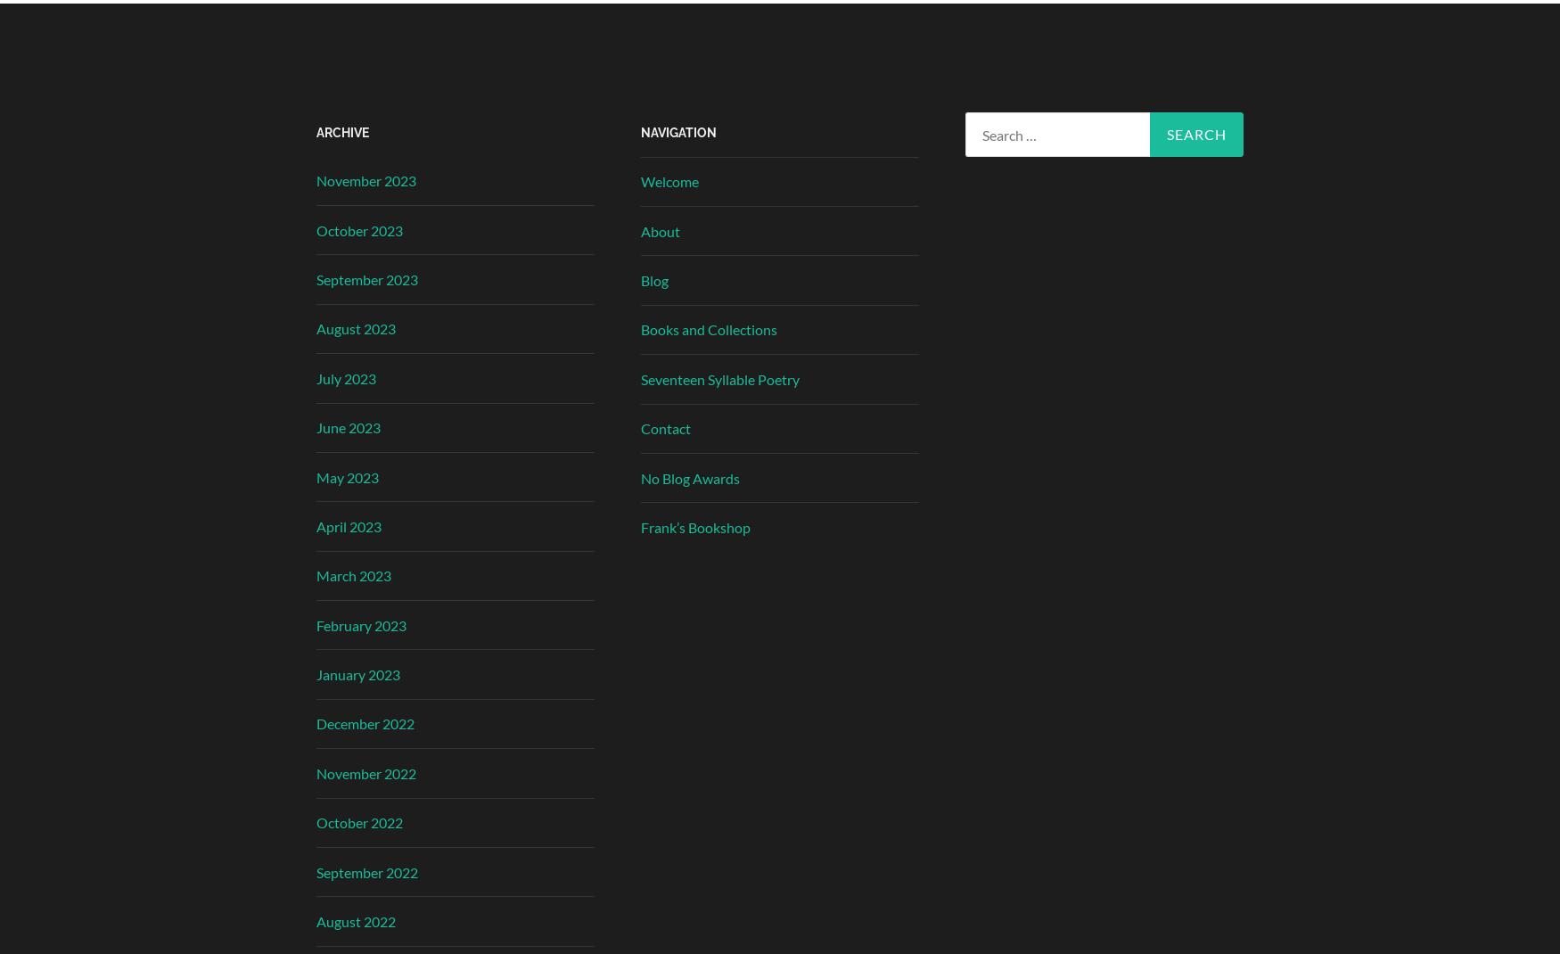  I want to click on 'February 2023', so click(360, 624).